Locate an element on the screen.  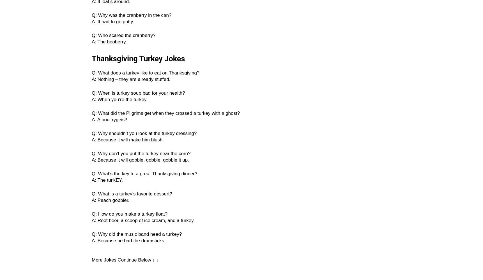
'Q: Why was the cranberry in the can?' is located at coordinates (131, 15).